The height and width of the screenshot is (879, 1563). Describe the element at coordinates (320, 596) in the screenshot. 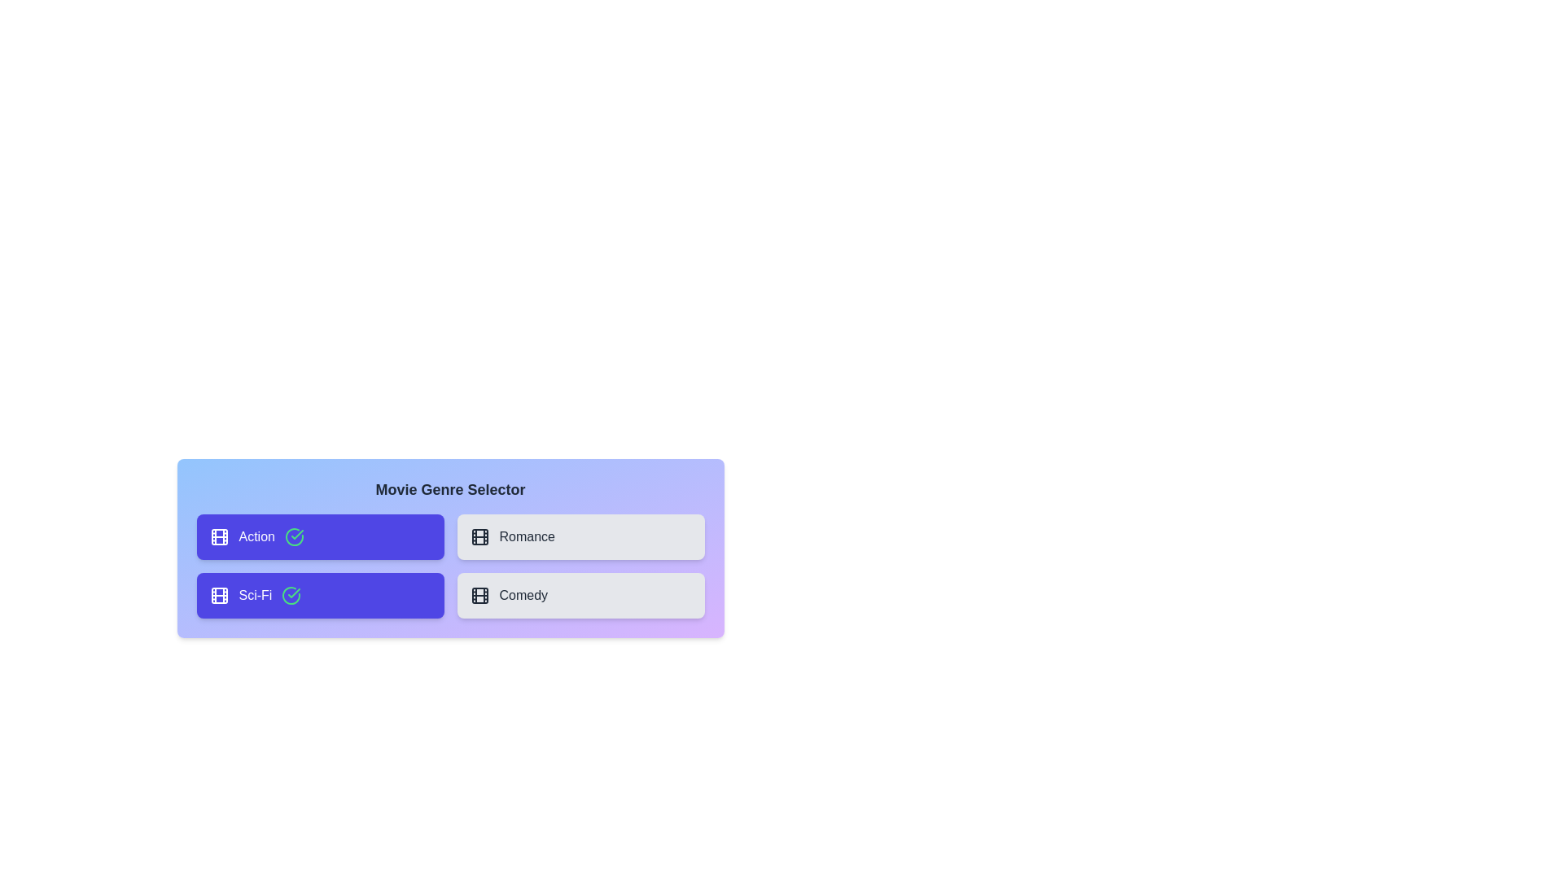

I see `the genre Sci-Fi by clicking its button` at that location.